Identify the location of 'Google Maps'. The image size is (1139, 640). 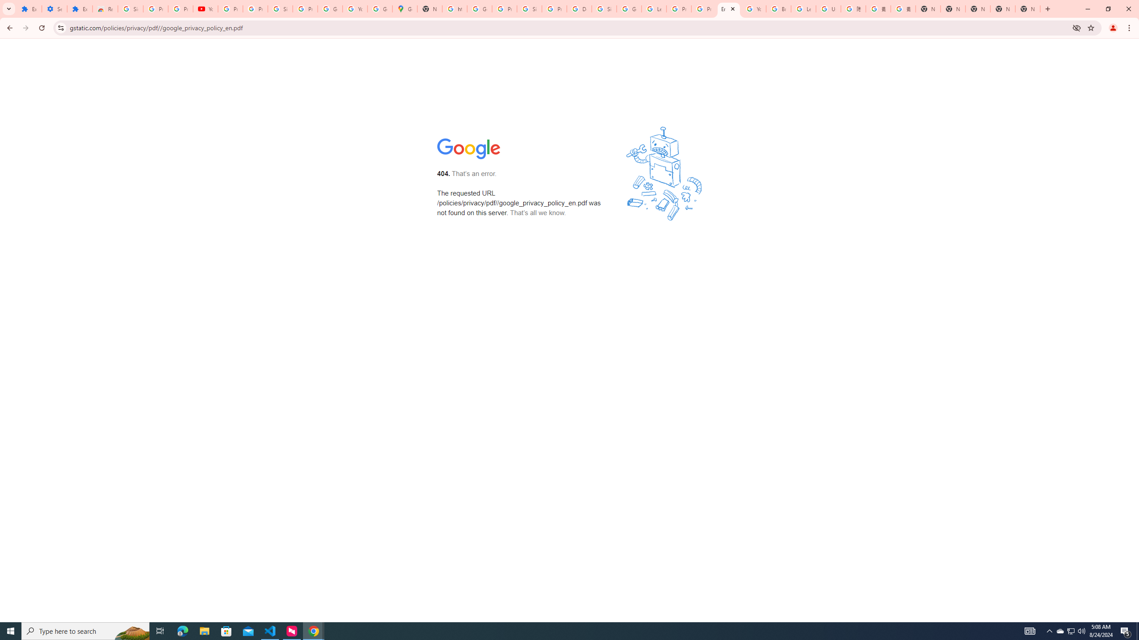
(404, 8).